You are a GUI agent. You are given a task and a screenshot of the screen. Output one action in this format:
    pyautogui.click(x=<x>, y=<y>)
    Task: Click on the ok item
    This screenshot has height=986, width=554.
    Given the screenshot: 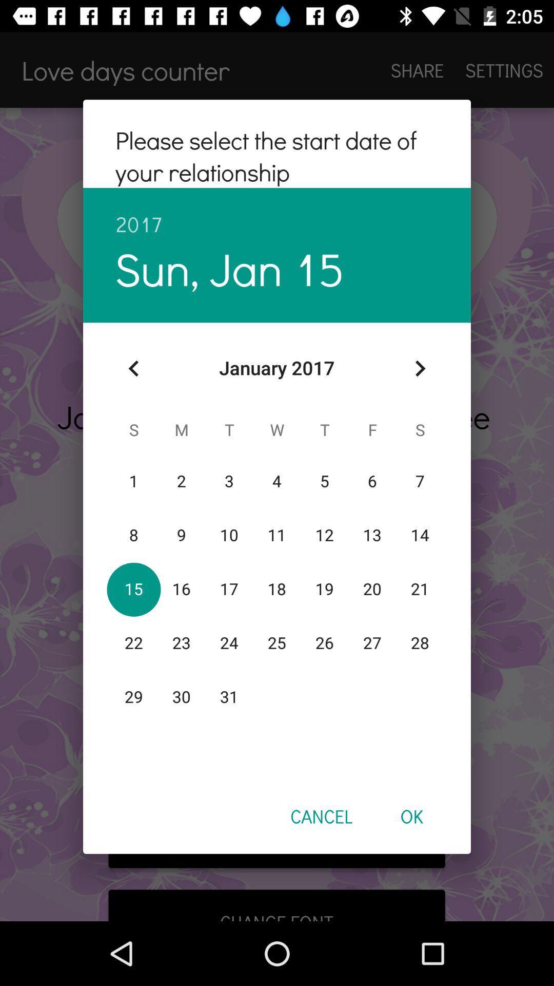 What is the action you would take?
    pyautogui.click(x=411, y=816)
    